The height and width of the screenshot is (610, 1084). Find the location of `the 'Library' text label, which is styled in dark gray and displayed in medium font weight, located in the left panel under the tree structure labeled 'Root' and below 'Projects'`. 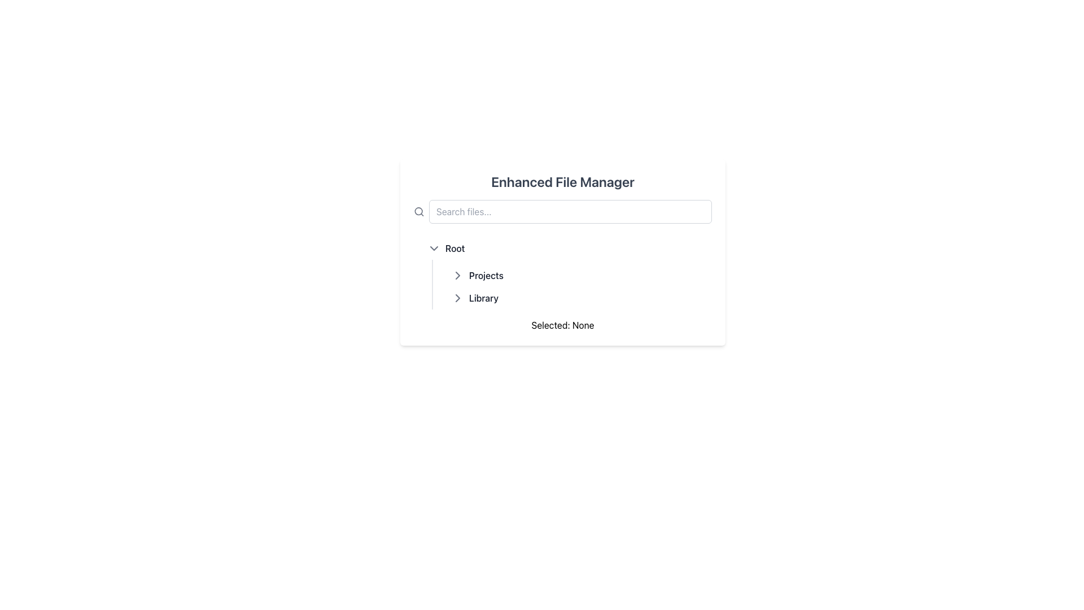

the 'Library' text label, which is styled in dark gray and displayed in medium font weight, located in the left panel under the tree structure labeled 'Root' and below 'Projects' is located at coordinates (484, 298).